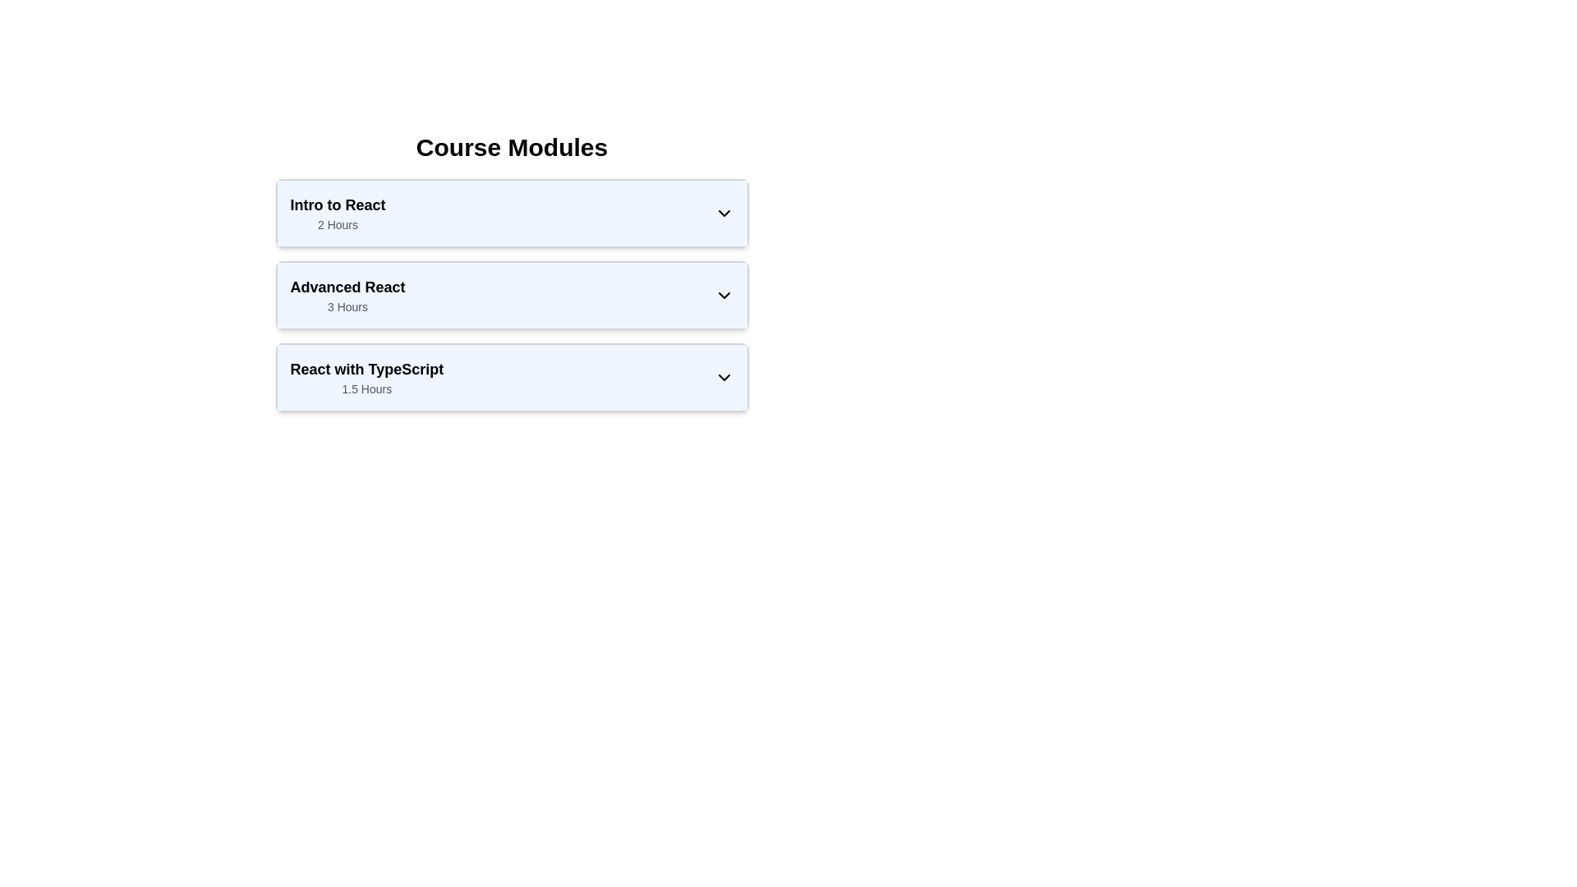 Image resolution: width=1577 pixels, height=887 pixels. Describe the element at coordinates (366, 377) in the screenshot. I see `the text block representing the third course module` at that location.